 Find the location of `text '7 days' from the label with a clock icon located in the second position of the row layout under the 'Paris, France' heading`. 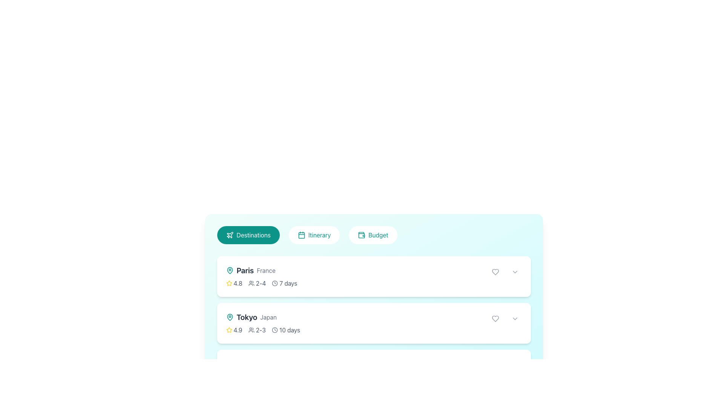

text '7 days' from the label with a clock icon located in the second position of the row layout under the 'Paris, France' heading is located at coordinates (284, 283).